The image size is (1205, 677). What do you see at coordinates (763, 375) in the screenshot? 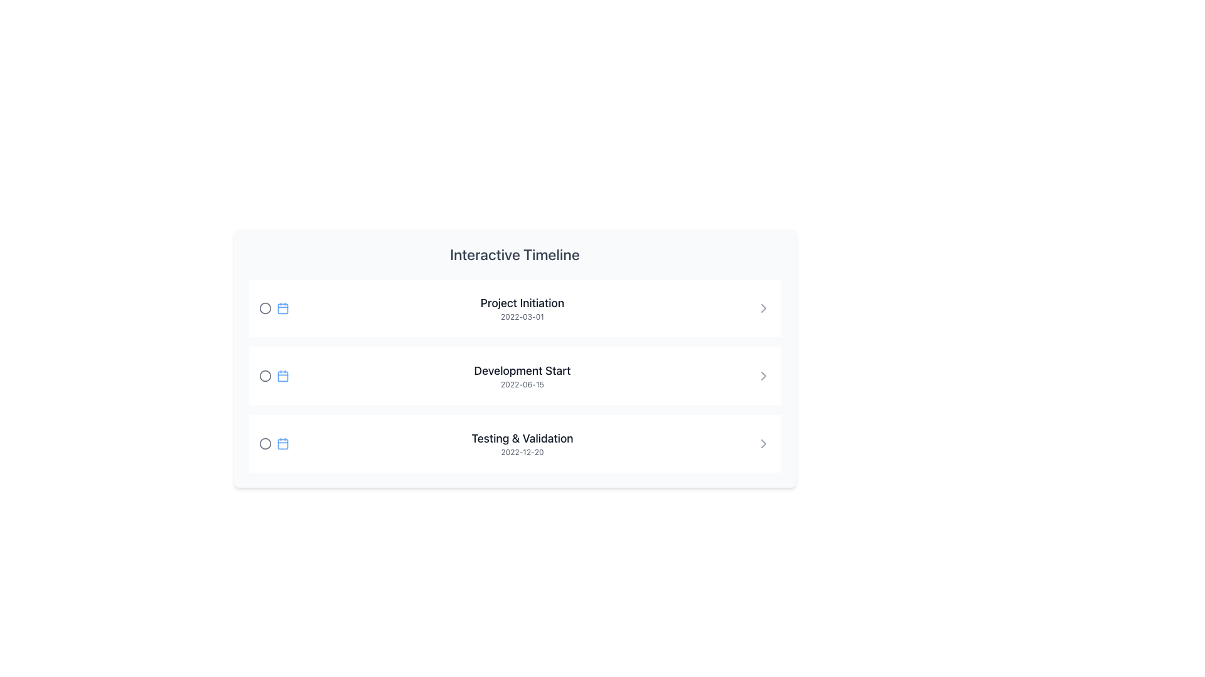
I see `the rightward gray chevron icon located at the far right side of the 'Development Start' timeline entry` at bounding box center [763, 375].